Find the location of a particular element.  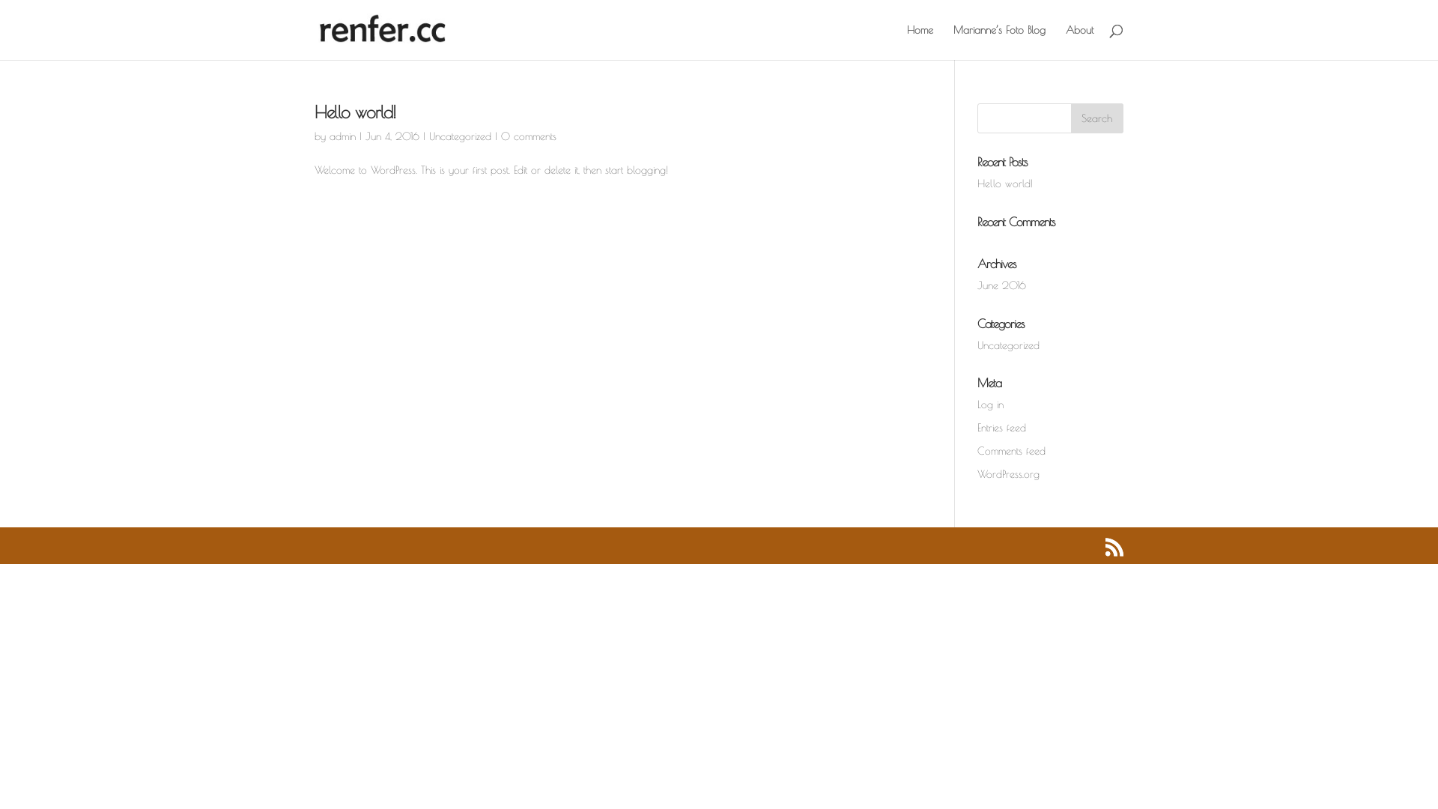

'June 2016' is located at coordinates (1001, 285).